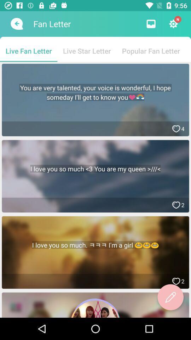  I want to click on the arrow_backward icon, so click(16, 24).